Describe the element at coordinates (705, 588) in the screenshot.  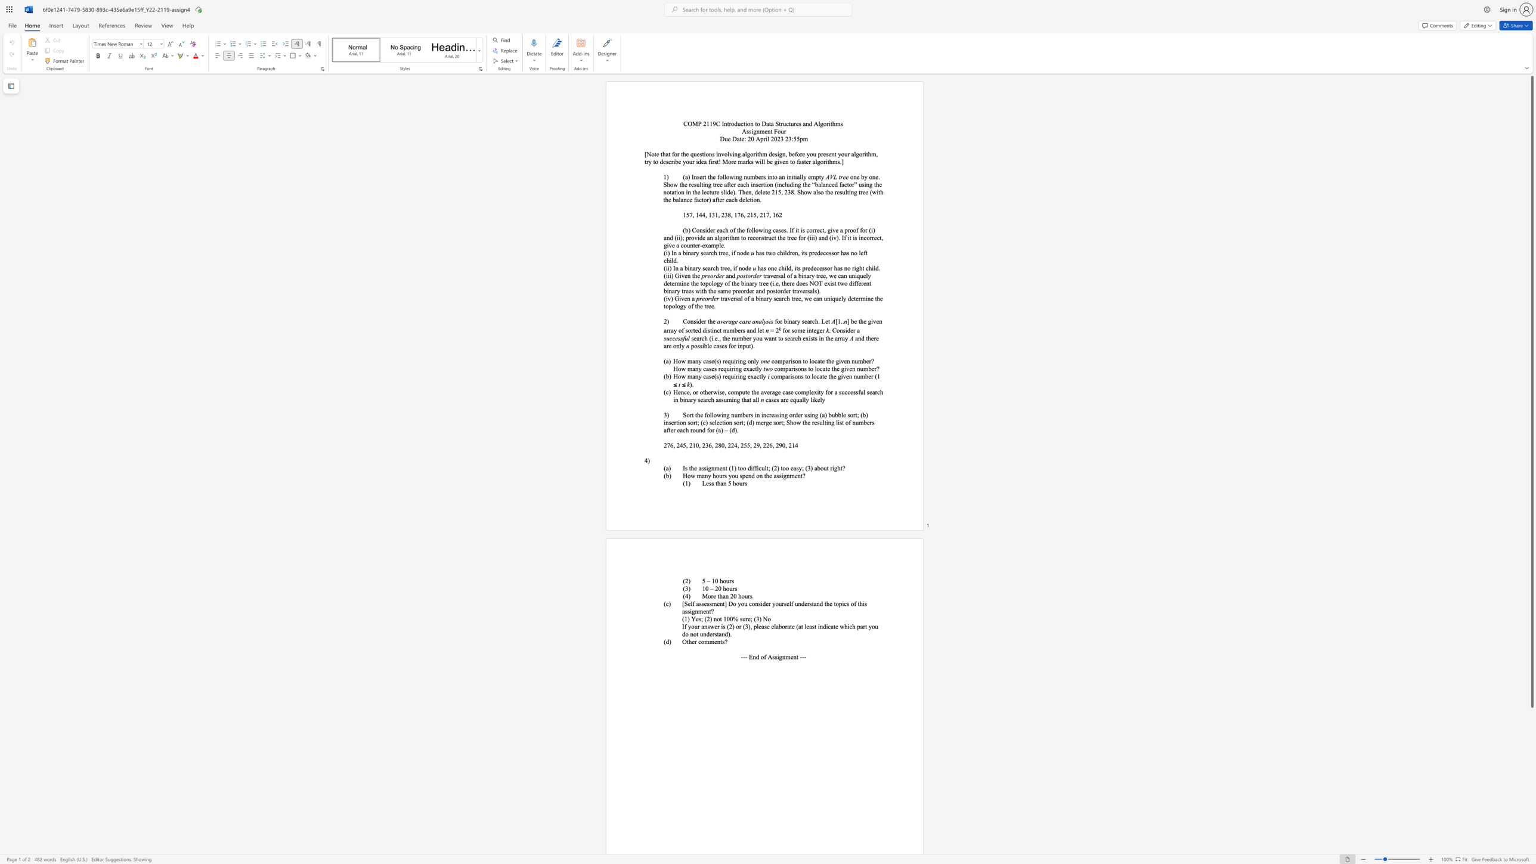
I see `the subset text "0 –" within the text "10 – 20 hours"` at that location.